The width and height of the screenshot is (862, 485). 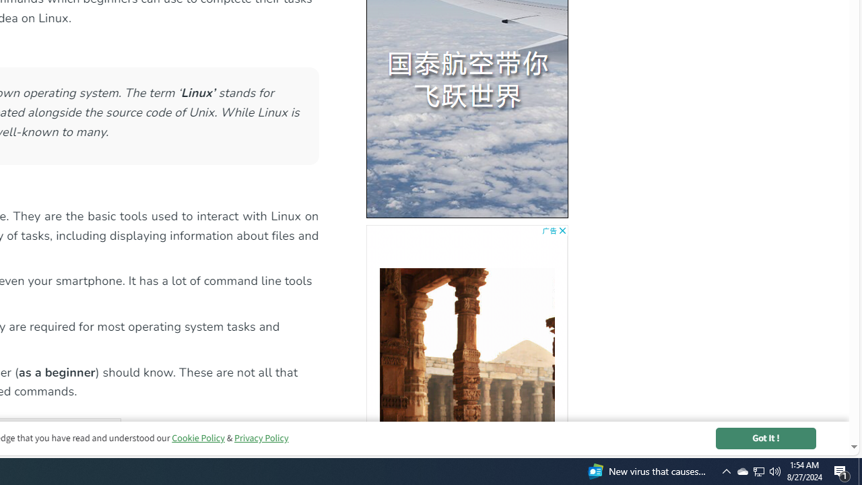 I want to click on 'Got It !', so click(x=766, y=438).